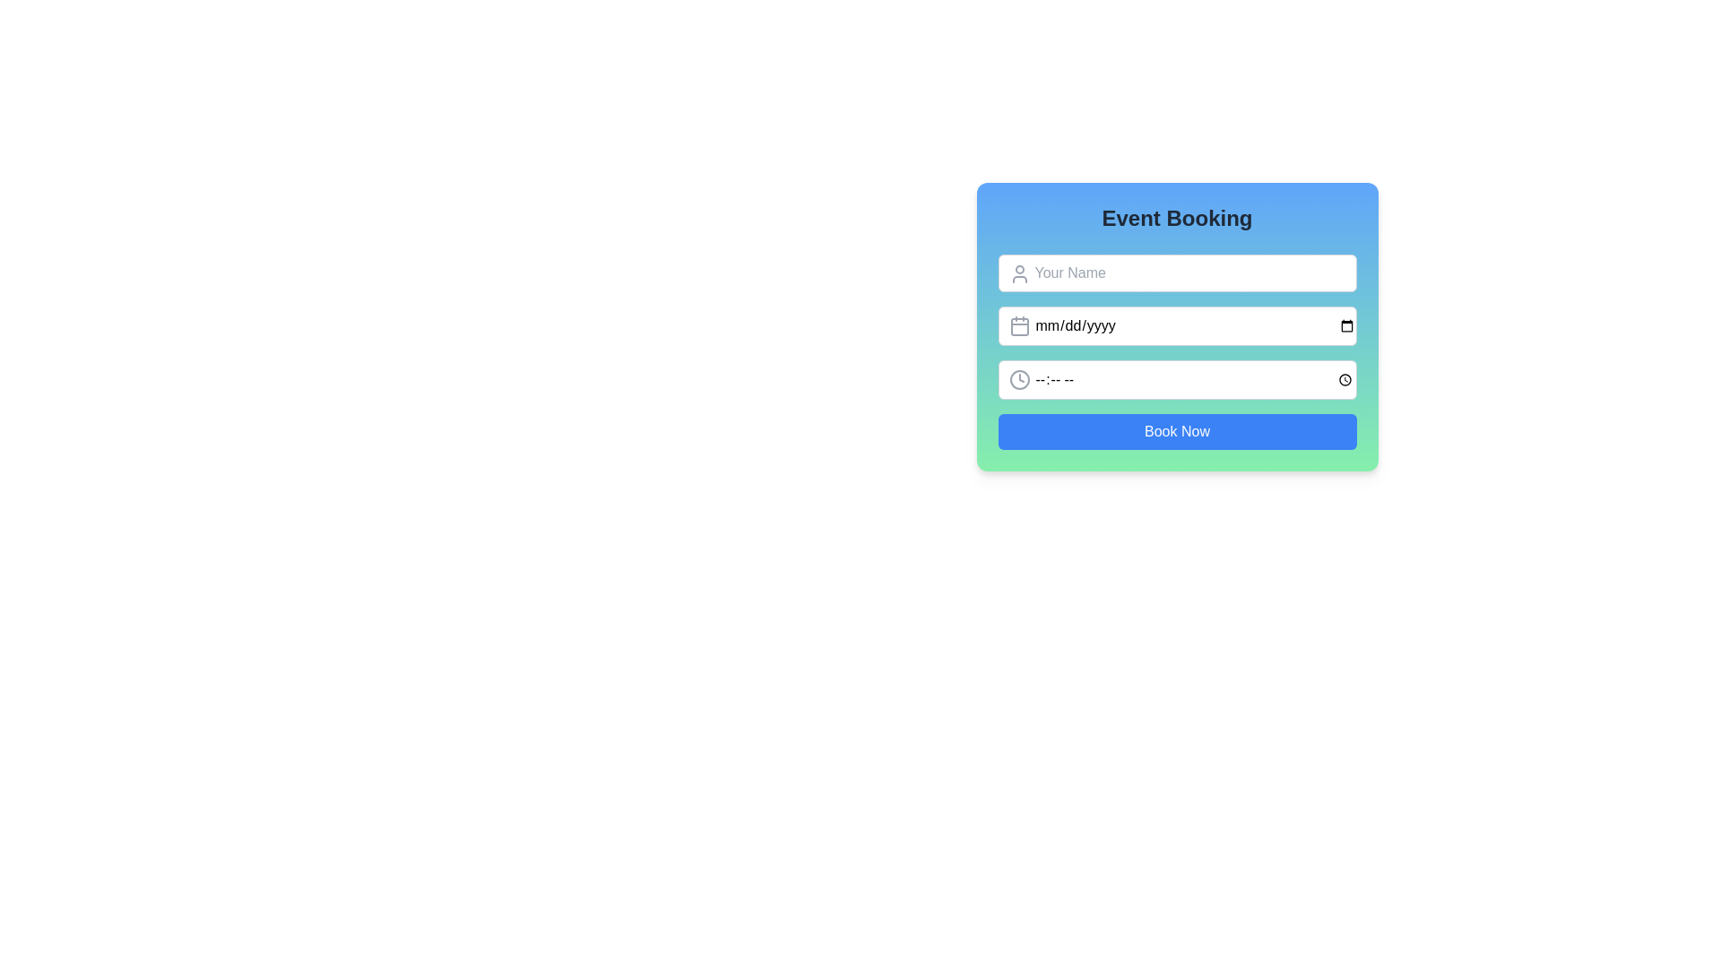  Describe the element at coordinates (1019, 379) in the screenshot. I see `the clock icon, which is a thin-lined illustration with a circular base and two hands indicating time, located on the left side of the time input field` at that location.